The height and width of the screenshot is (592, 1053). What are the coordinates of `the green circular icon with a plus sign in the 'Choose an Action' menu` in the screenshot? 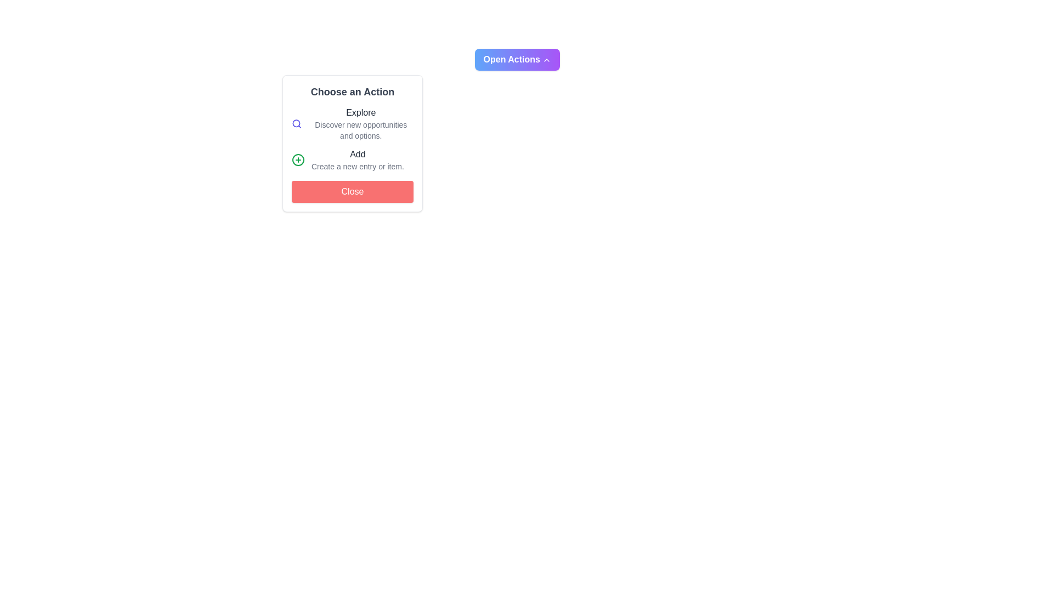 It's located at (298, 160).